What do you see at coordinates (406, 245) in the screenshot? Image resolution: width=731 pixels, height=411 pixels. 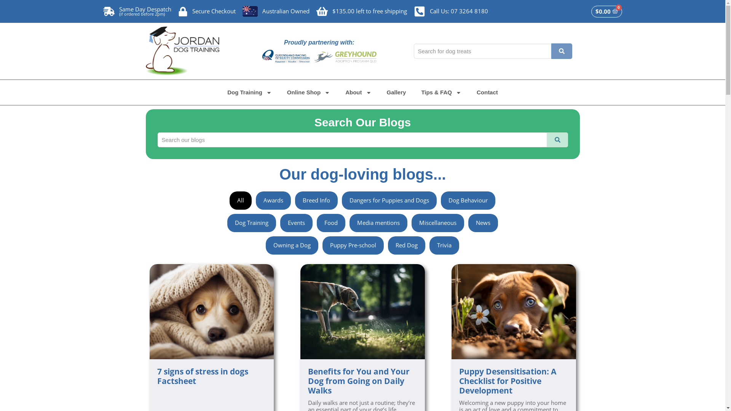 I see `'Red Dog'` at bounding box center [406, 245].